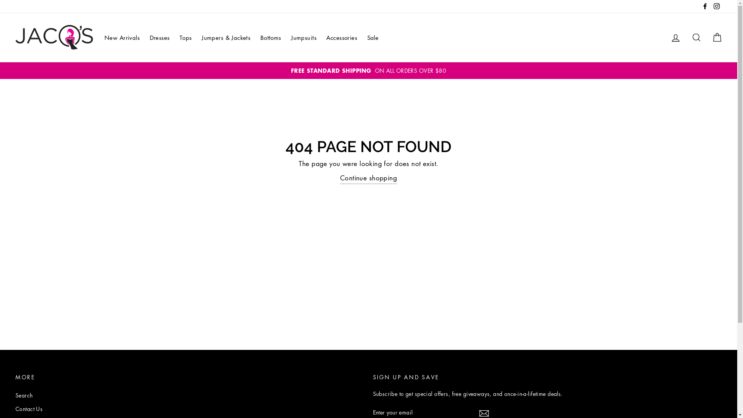  I want to click on 'Continue shopping', so click(368, 178).